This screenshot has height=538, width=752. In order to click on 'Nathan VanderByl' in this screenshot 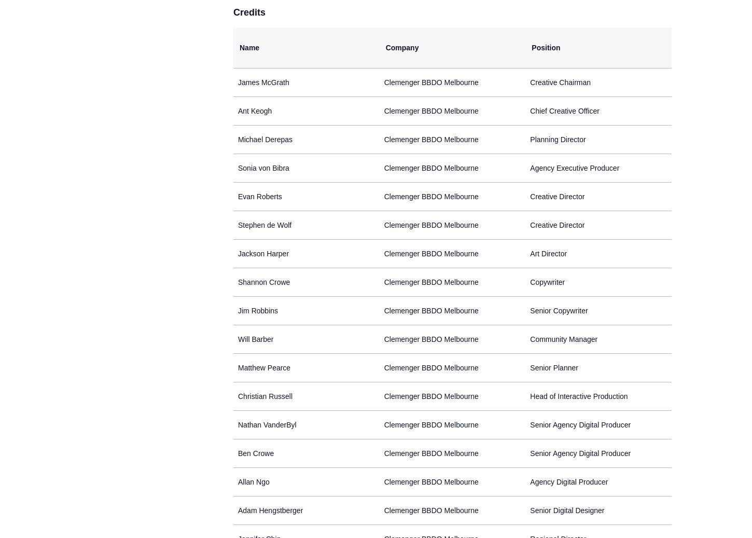, I will do `click(267, 425)`.